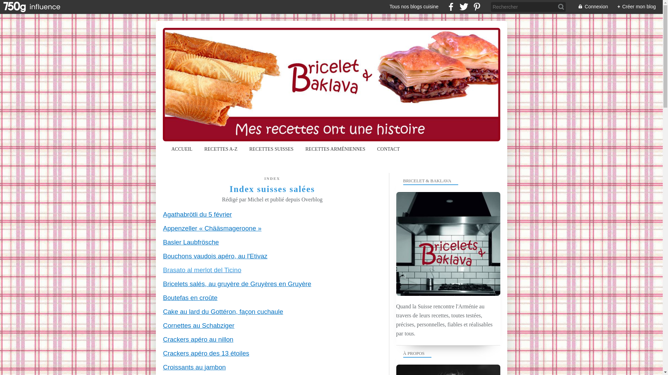  What do you see at coordinates (272, 178) in the screenshot?
I see `'INDEX'` at bounding box center [272, 178].